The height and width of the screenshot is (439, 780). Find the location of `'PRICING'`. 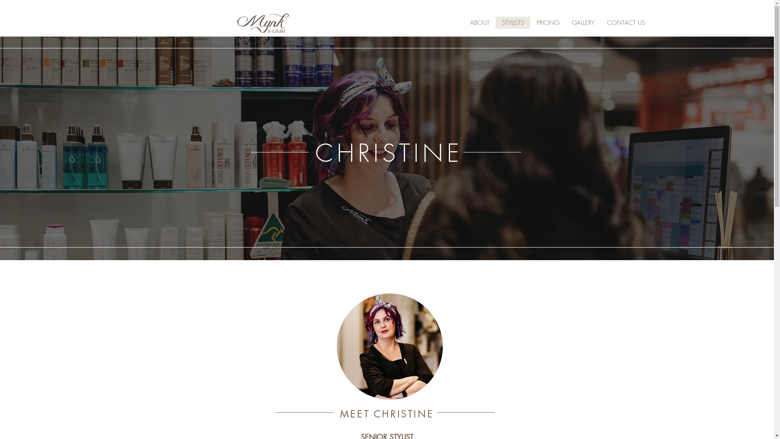

'PRICING' is located at coordinates (548, 22).